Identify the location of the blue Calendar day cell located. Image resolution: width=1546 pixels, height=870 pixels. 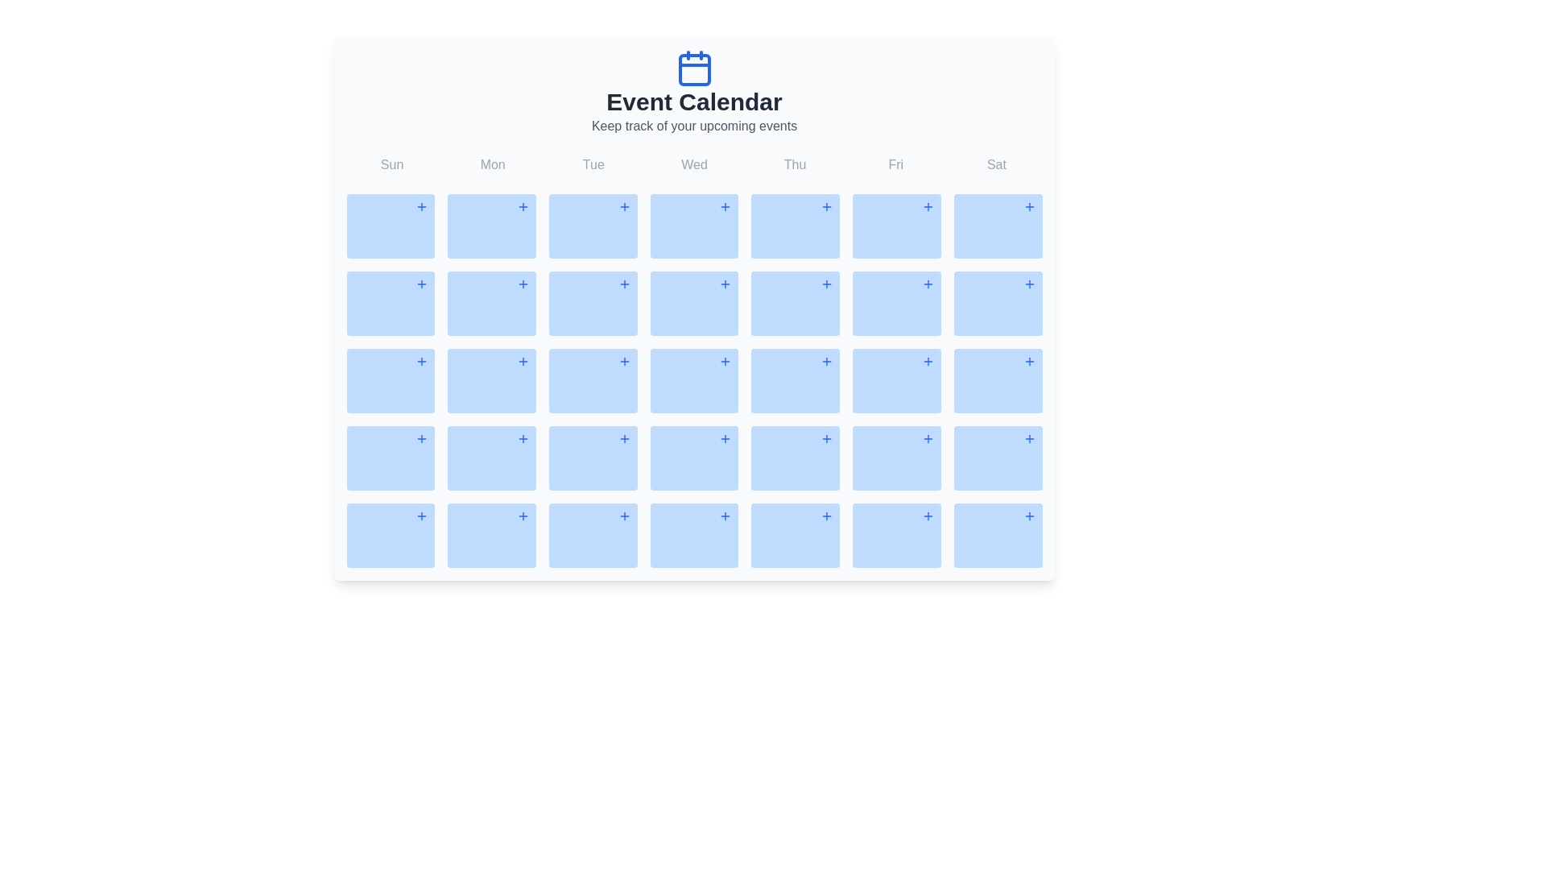
(895, 458).